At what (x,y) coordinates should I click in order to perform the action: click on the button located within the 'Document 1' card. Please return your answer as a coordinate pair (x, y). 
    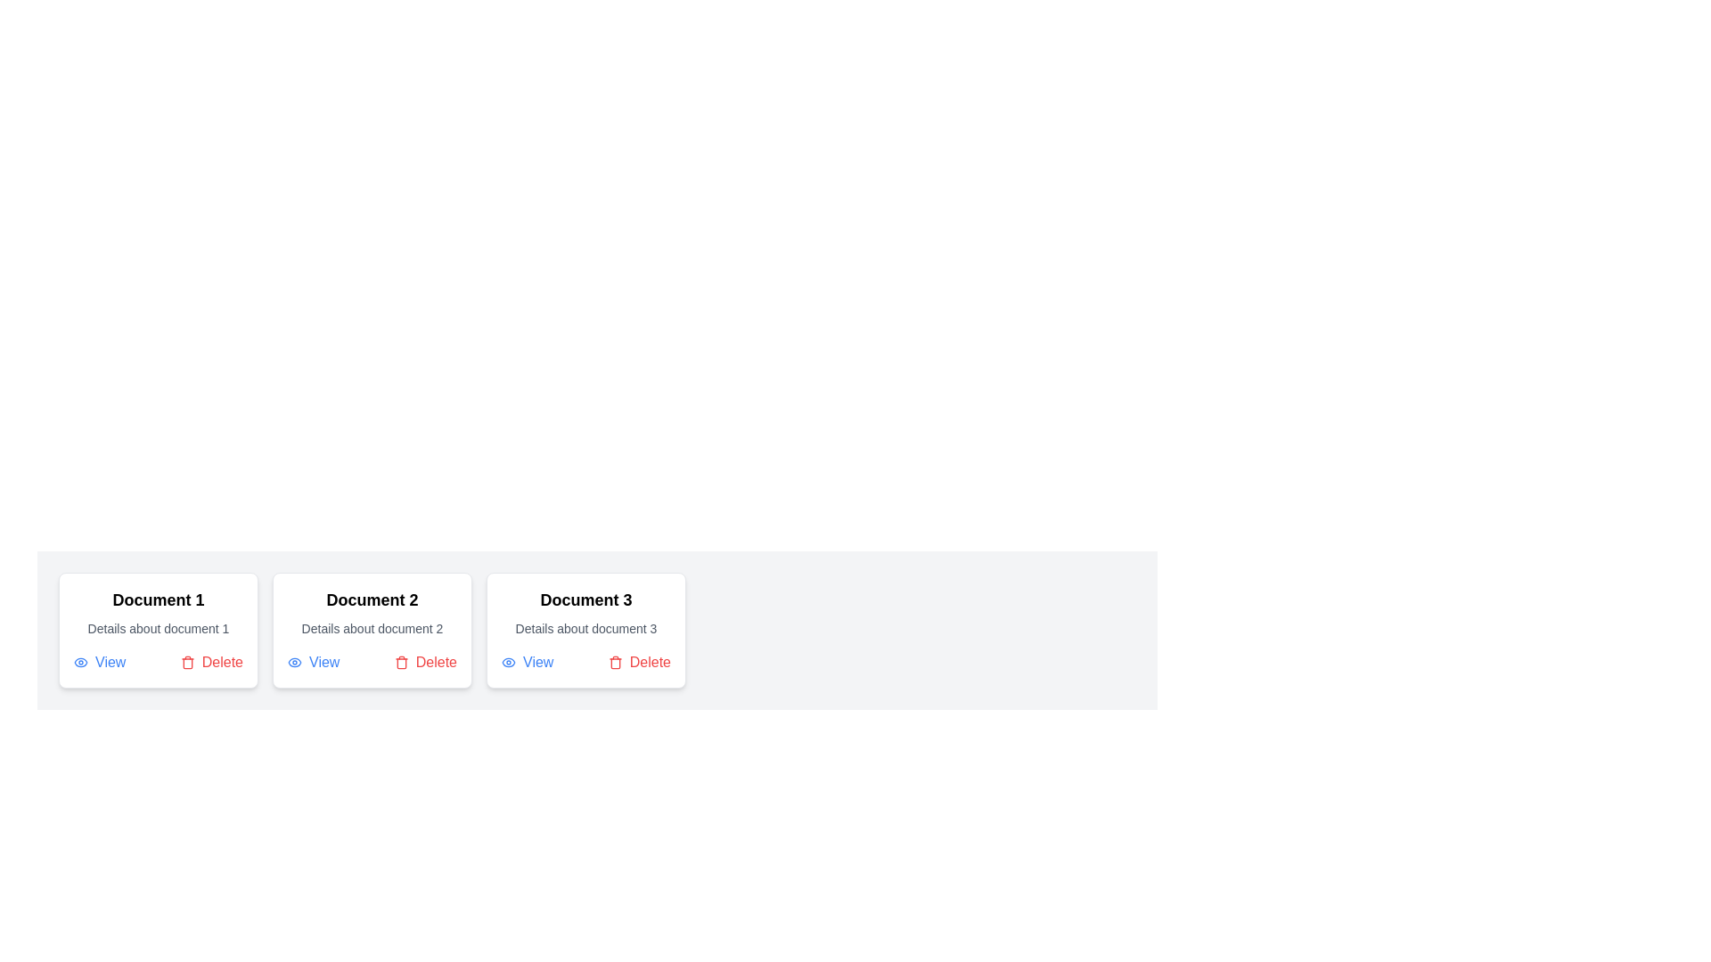
    Looking at the image, I should click on (98, 663).